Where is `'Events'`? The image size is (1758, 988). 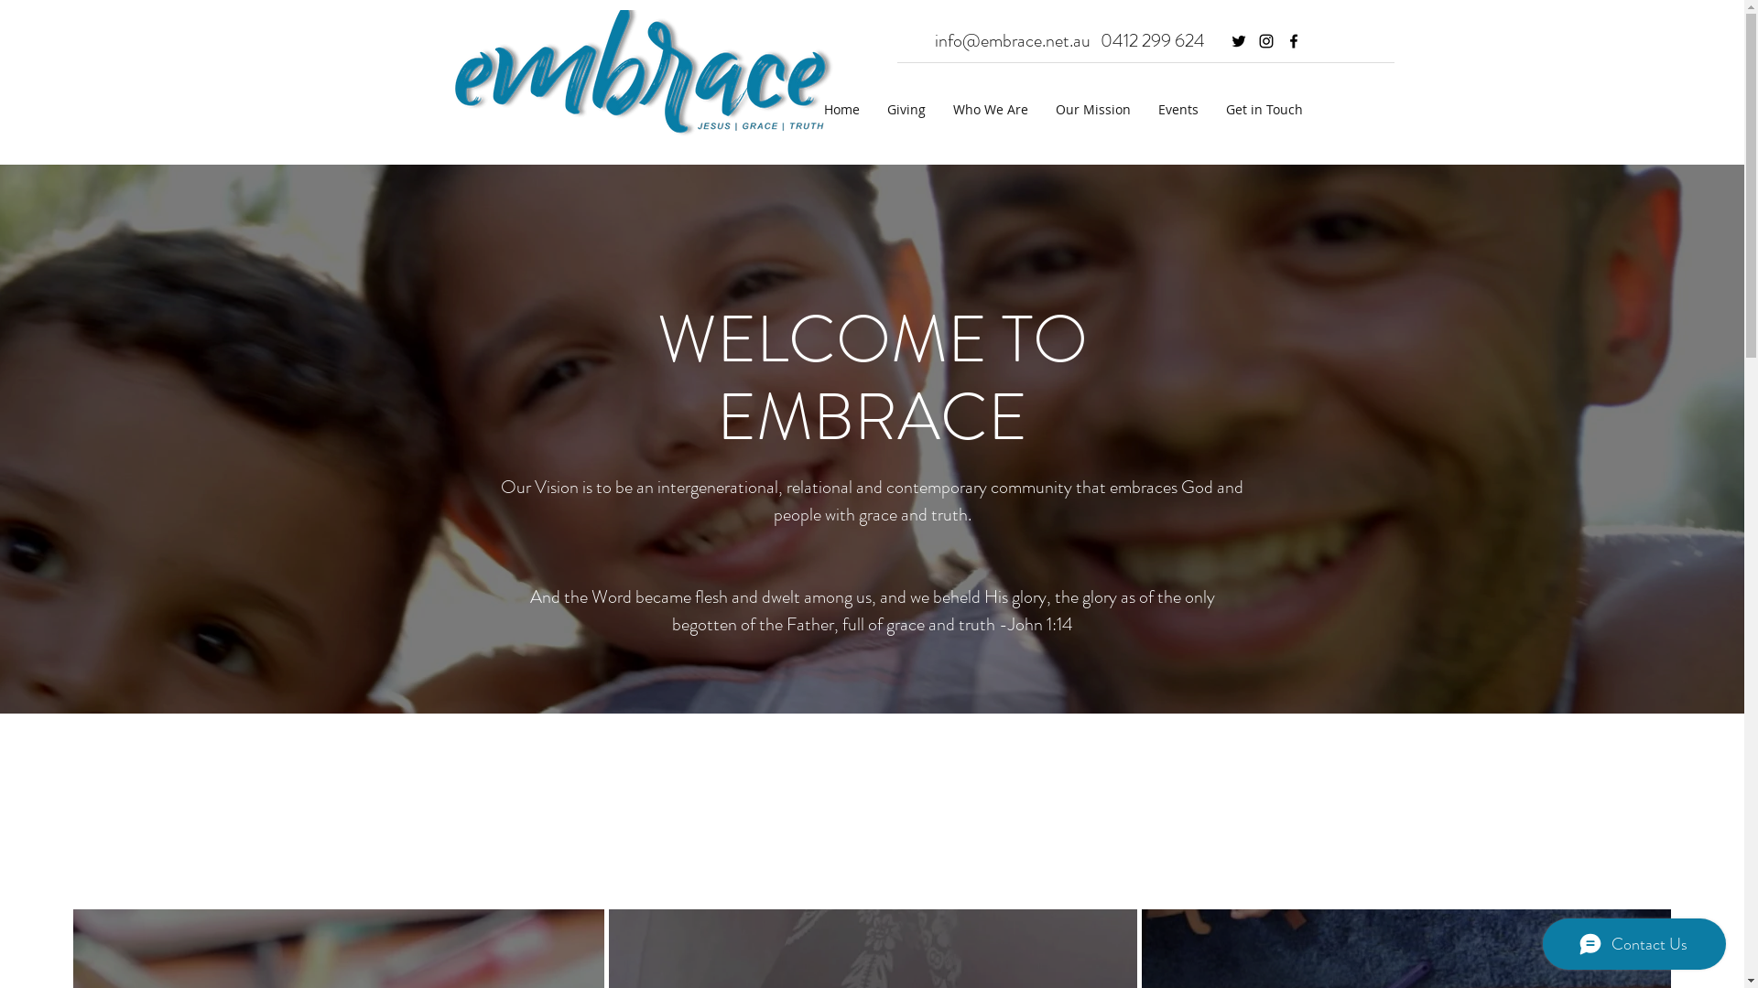
'Events' is located at coordinates (1177, 109).